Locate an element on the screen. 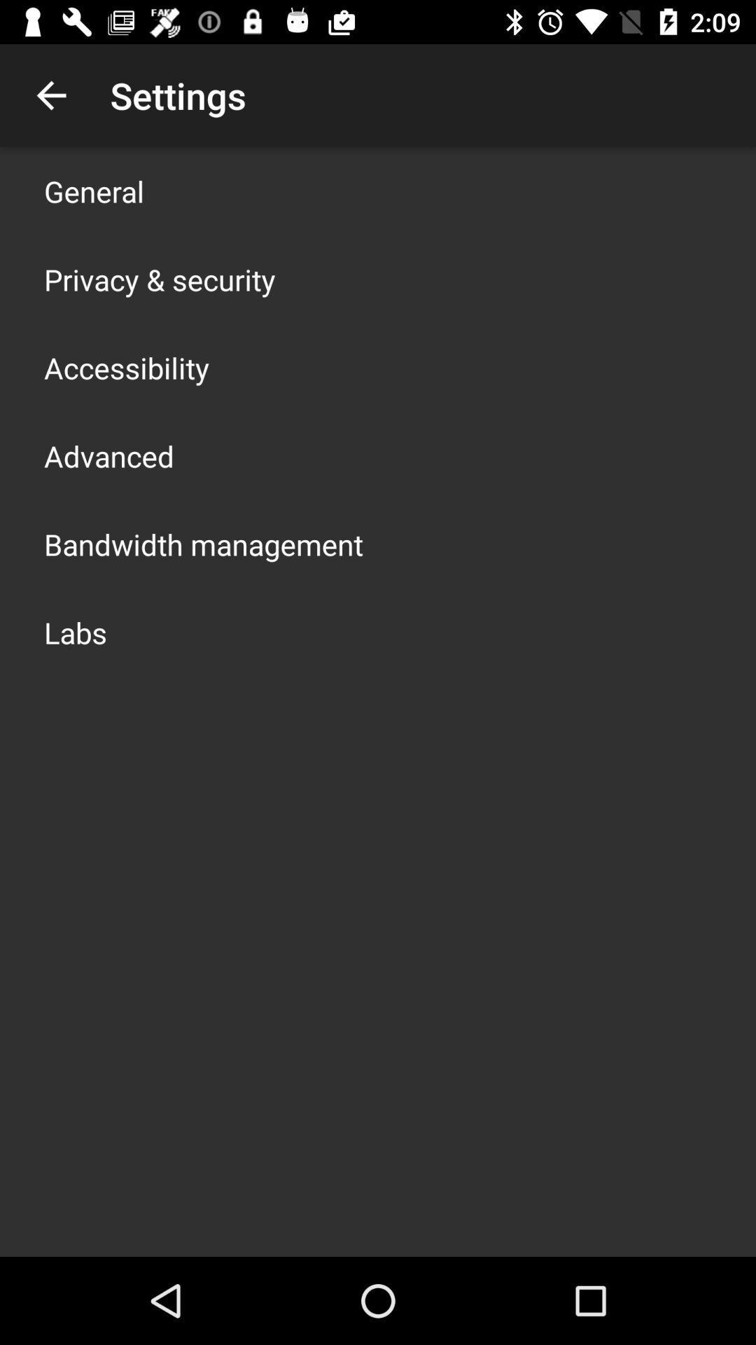 This screenshot has width=756, height=1345. the icon above the labs is located at coordinates (203, 544).